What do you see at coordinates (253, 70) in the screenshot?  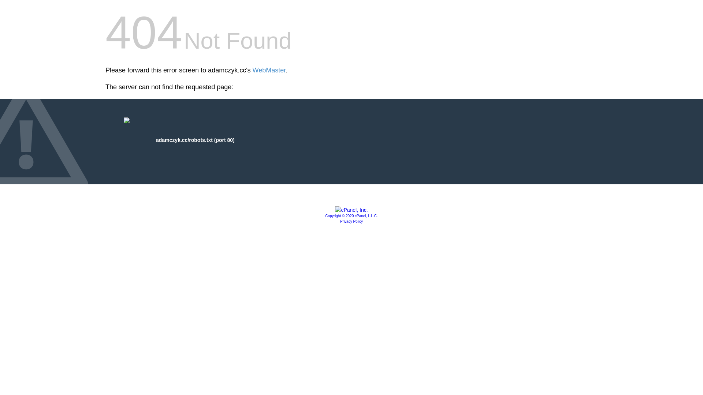 I see `'WebMaster'` at bounding box center [253, 70].